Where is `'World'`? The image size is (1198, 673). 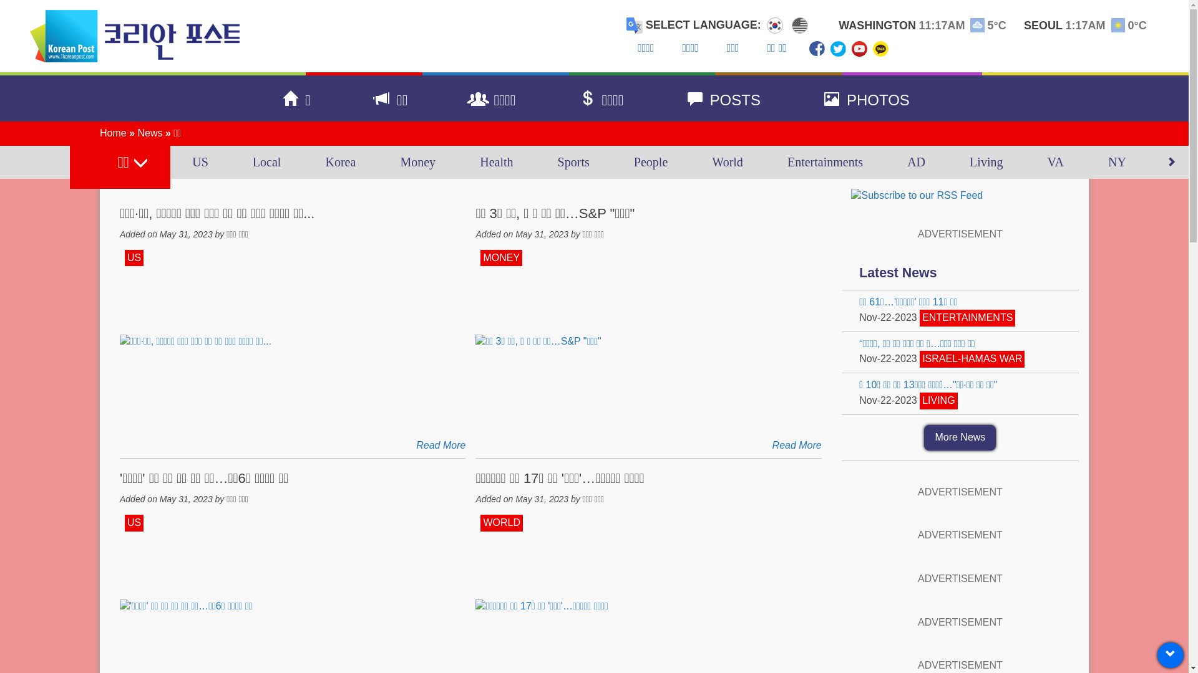
'World' is located at coordinates (728, 162).